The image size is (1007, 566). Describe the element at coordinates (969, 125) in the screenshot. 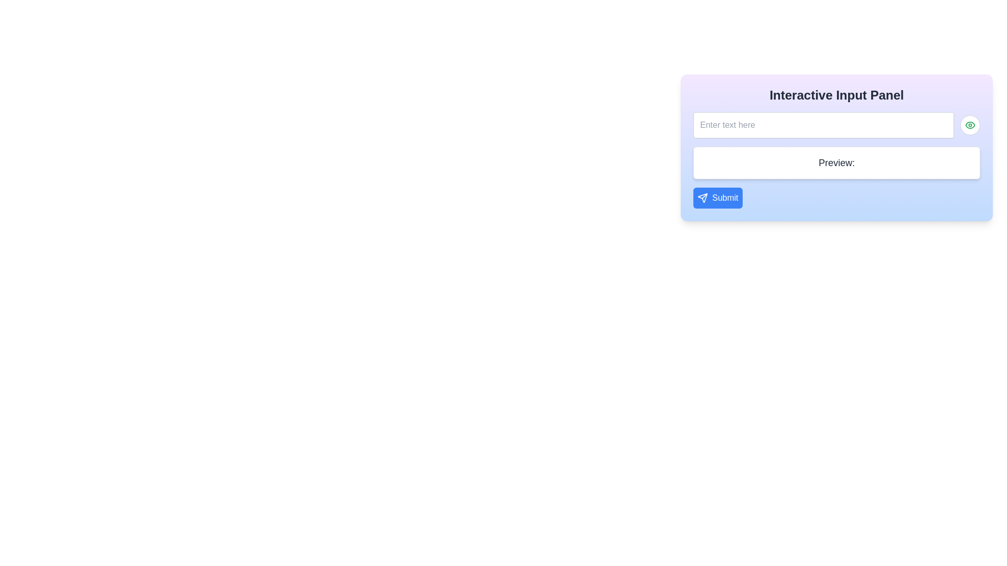

I see `the button that toggles the visibility of the entered text, which is positioned to the right of the text input field` at that location.